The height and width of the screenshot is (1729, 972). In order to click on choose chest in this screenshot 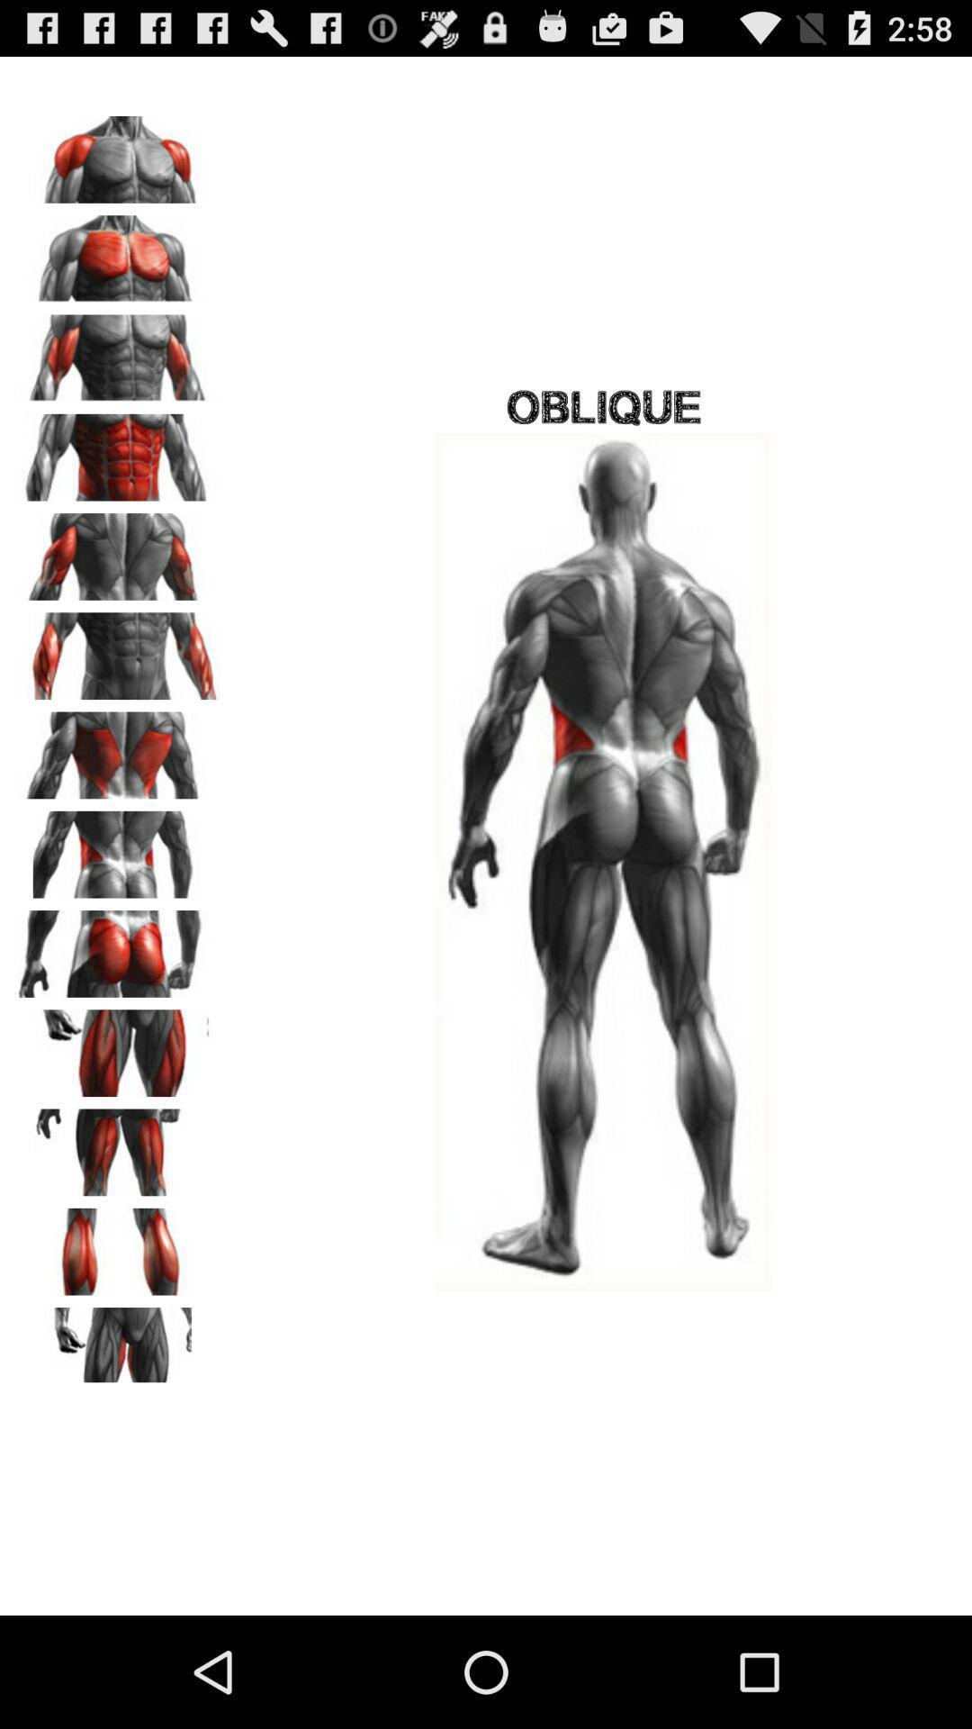, I will do `click(118, 352)`.